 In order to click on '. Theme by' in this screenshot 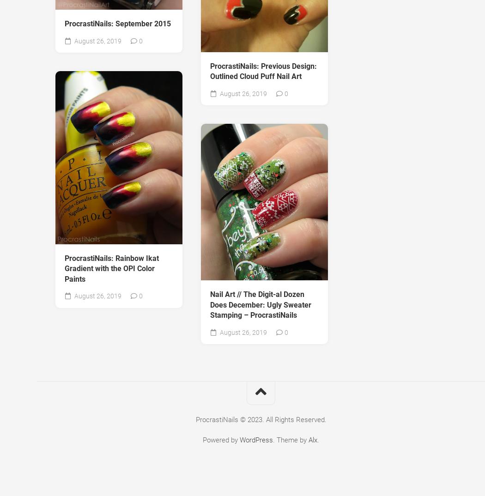, I will do `click(291, 440)`.